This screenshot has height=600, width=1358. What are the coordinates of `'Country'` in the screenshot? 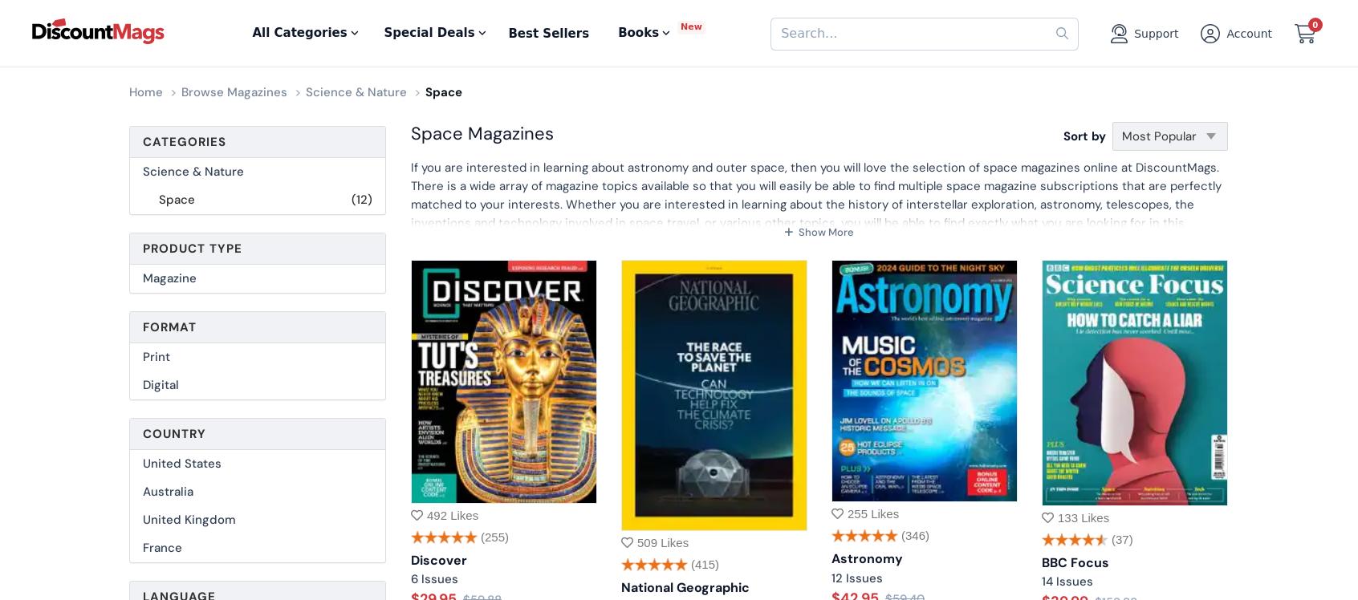 It's located at (174, 433).